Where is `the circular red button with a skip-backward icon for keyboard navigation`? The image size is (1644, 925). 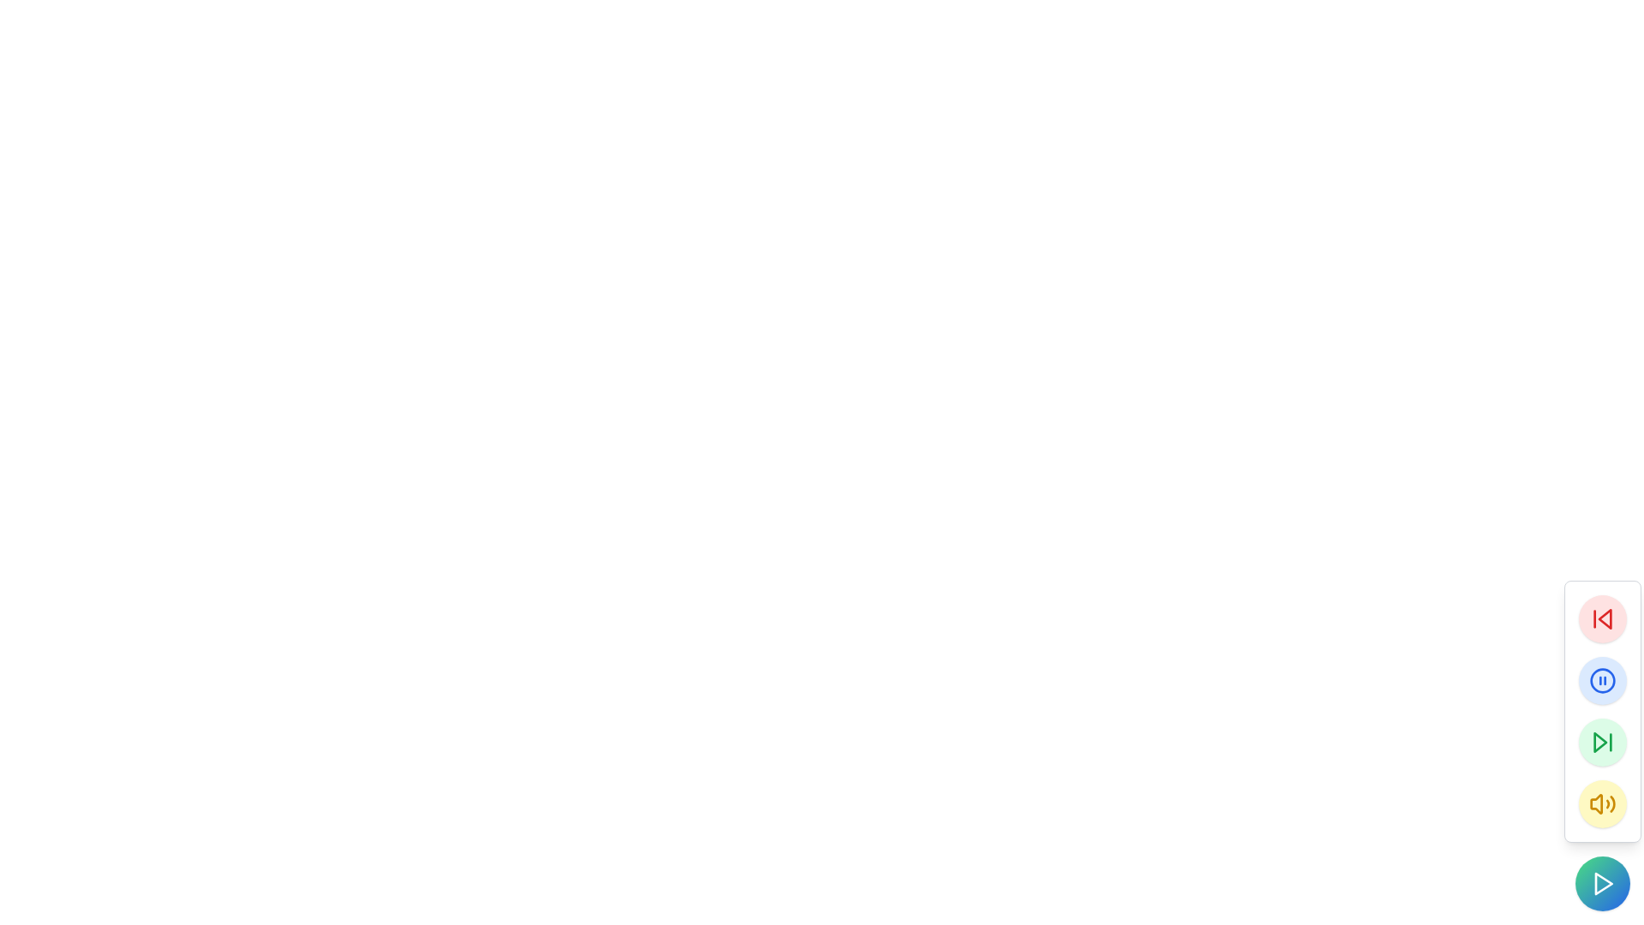
the circular red button with a skip-backward icon for keyboard navigation is located at coordinates (1602, 618).